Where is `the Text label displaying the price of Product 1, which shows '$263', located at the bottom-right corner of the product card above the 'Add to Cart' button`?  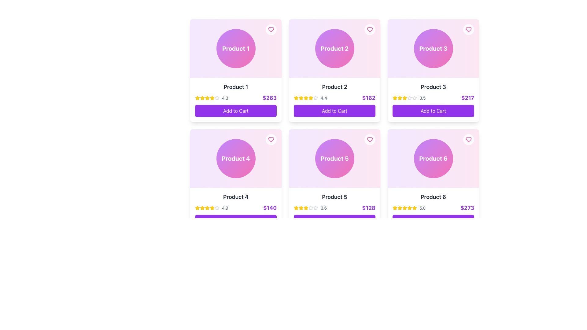
the Text label displaying the price of Product 1, which shows '$263', located at the bottom-right corner of the product card above the 'Add to Cart' button is located at coordinates (269, 97).